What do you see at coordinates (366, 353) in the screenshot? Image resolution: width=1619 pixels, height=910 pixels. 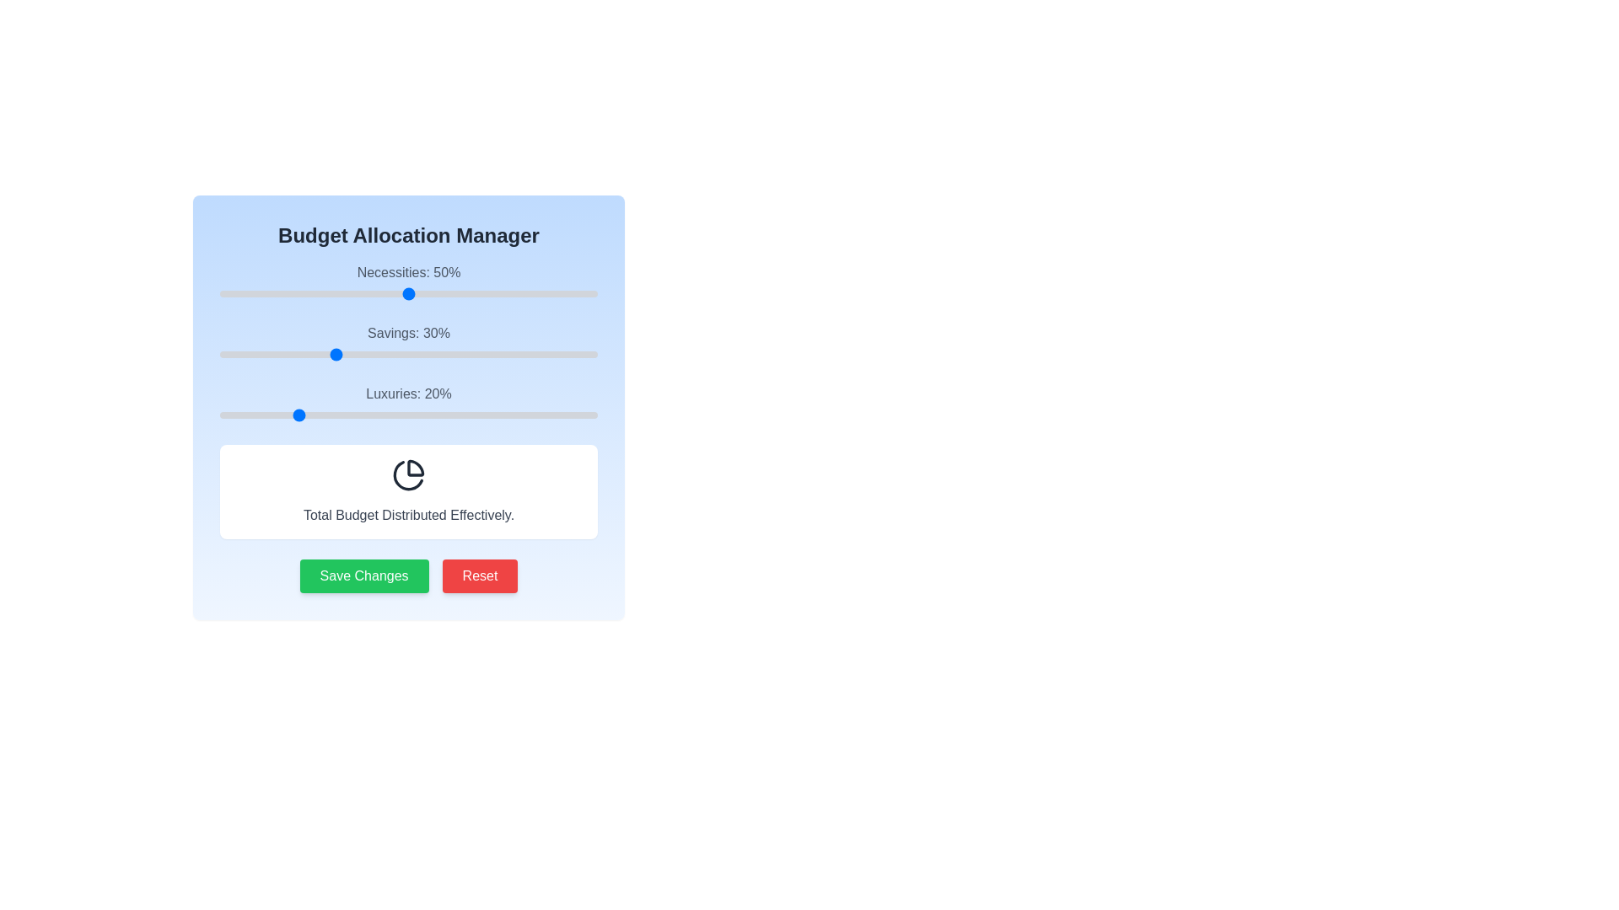 I see `the savings percentage` at bounding box center [366, 353].